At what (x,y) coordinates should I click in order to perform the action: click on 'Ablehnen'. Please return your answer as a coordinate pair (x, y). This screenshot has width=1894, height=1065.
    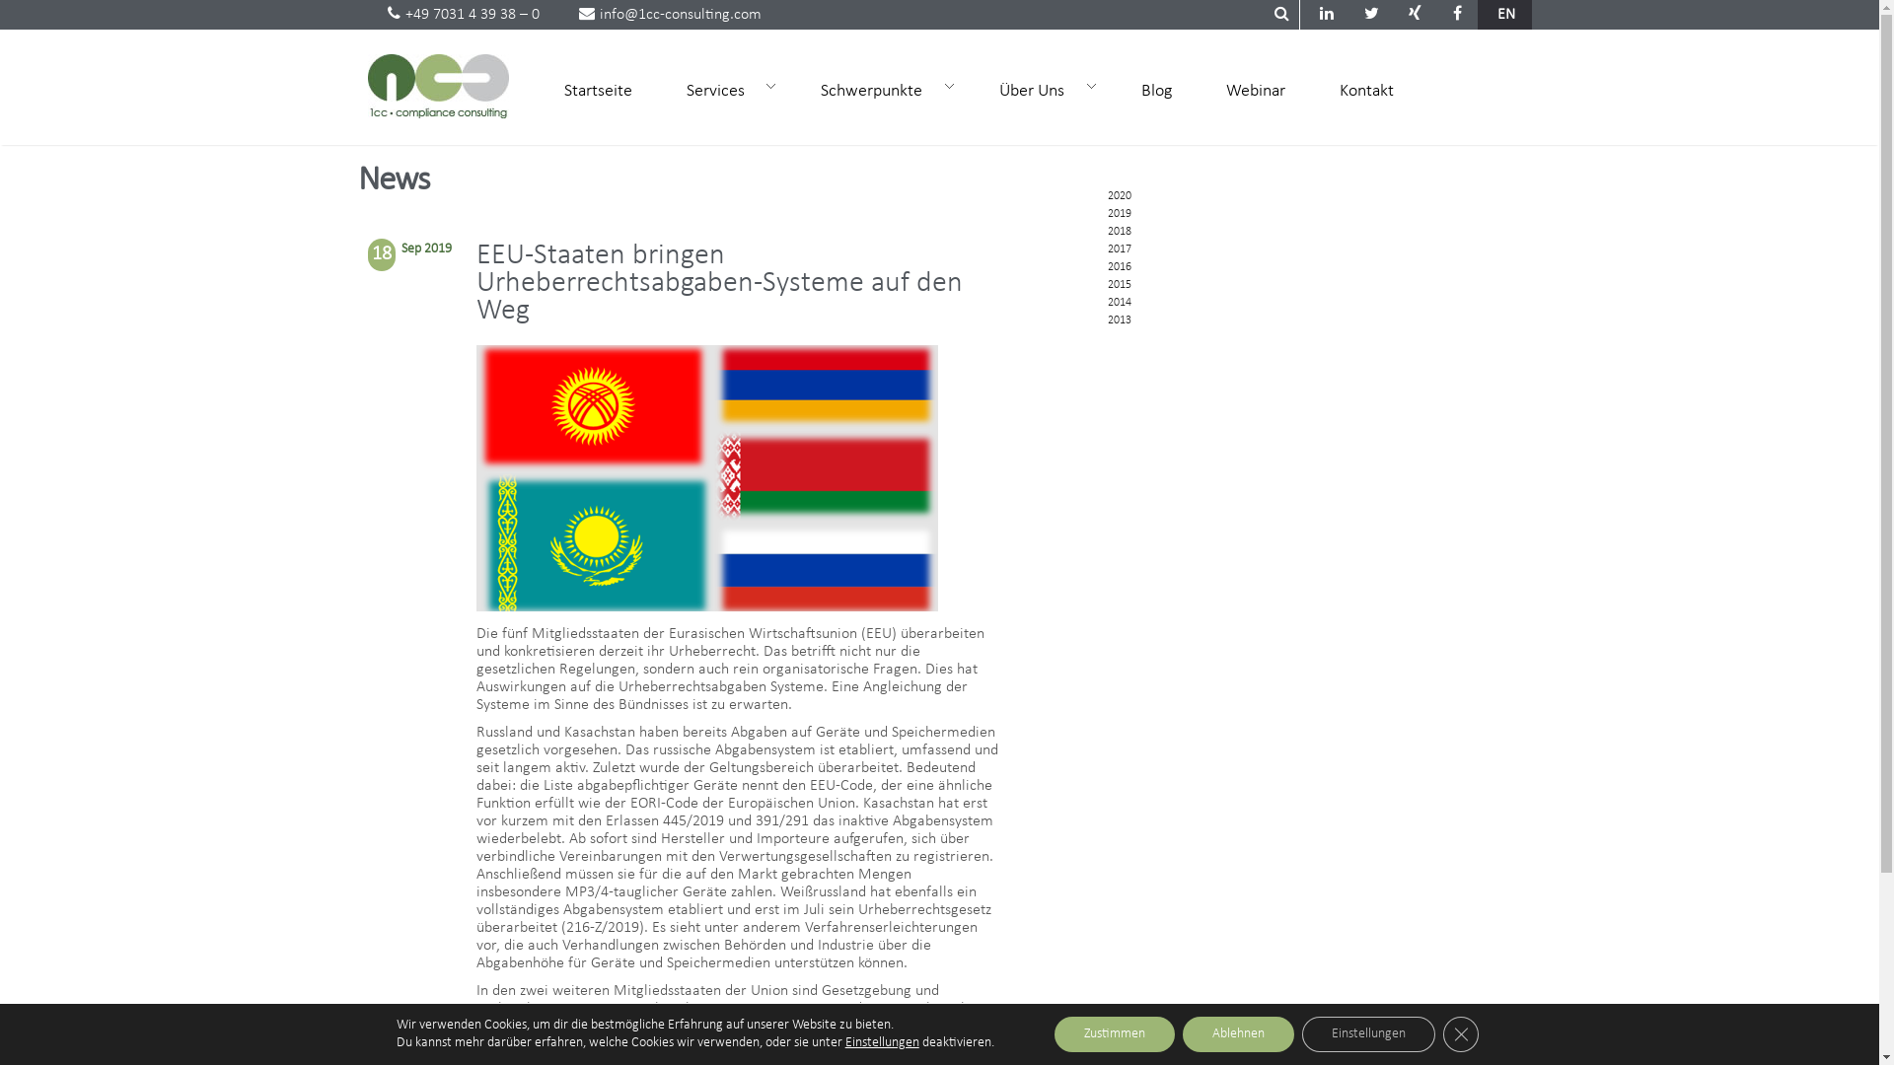
    Looking at the image, I should click on (1237, 1033).